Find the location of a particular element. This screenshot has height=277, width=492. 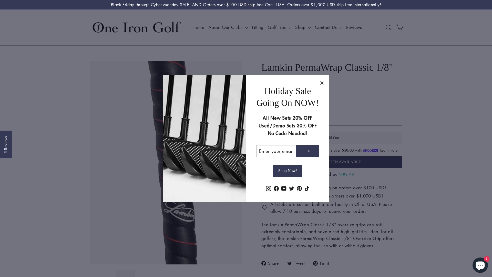

'Shop Now!' is located at coordinates (288, 171).